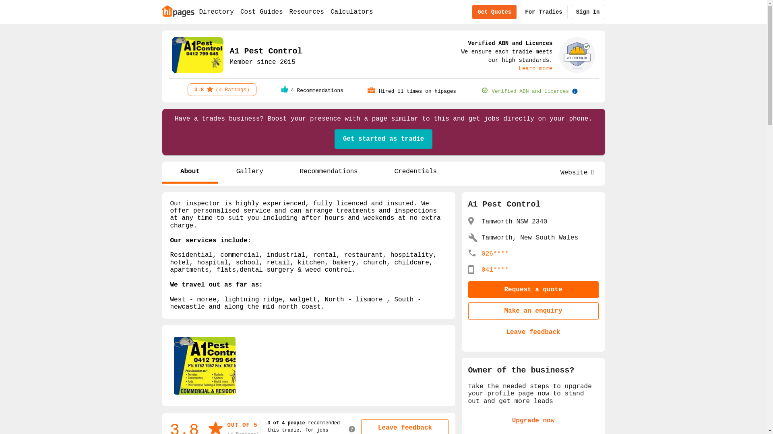  I want to click on 'Home', so click(177, 11).